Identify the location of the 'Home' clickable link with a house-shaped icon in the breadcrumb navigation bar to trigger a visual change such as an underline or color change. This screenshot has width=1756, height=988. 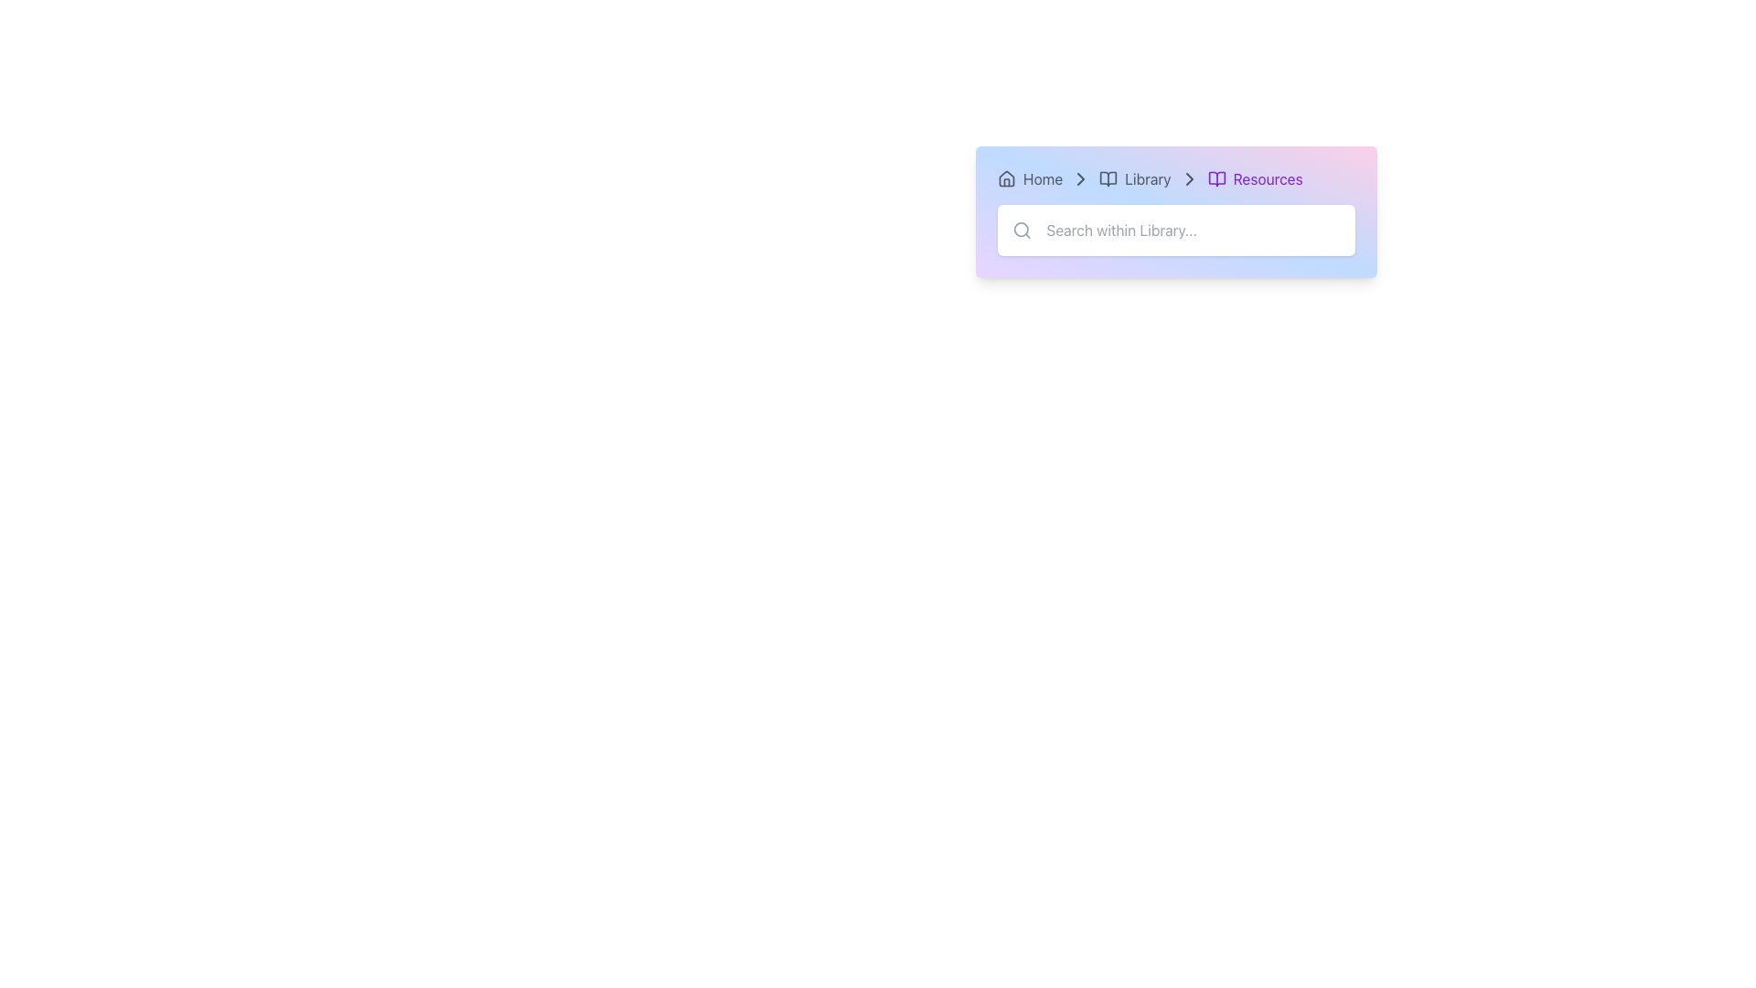
(1030, 179).